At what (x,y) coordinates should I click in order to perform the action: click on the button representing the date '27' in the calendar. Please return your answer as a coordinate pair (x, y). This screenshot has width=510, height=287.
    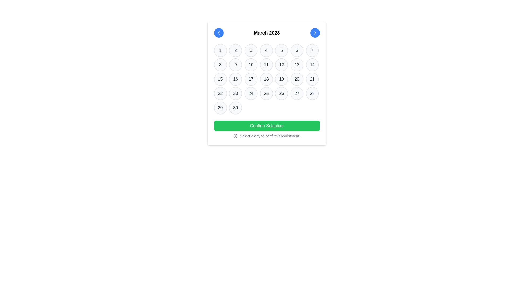
    Looking at the image, I should click on (297, 93).